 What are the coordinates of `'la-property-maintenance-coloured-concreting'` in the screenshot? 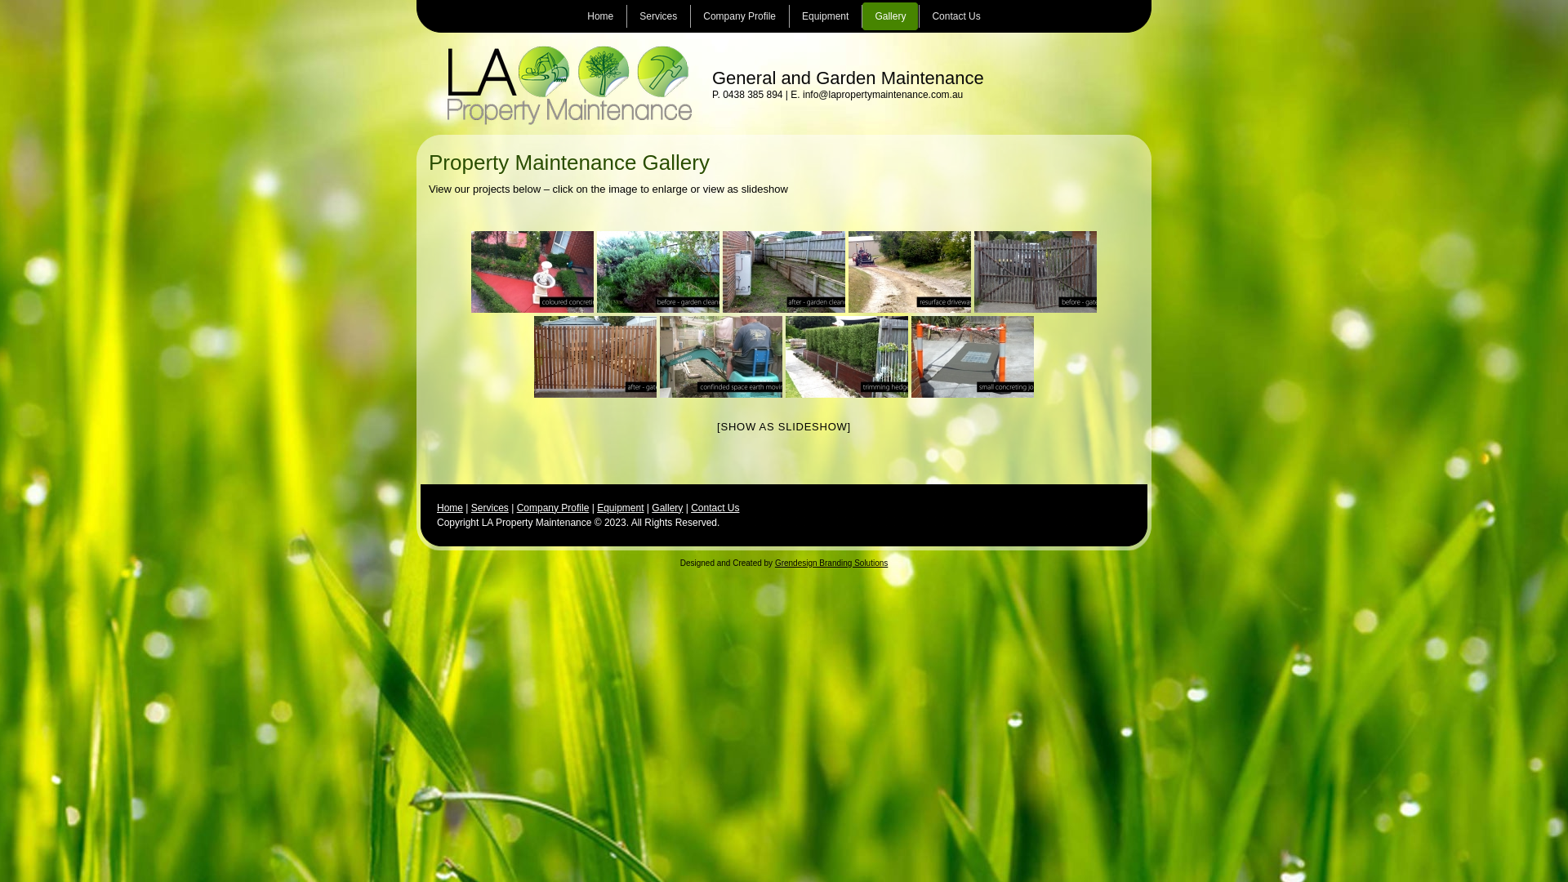 It's located at (532, 270).